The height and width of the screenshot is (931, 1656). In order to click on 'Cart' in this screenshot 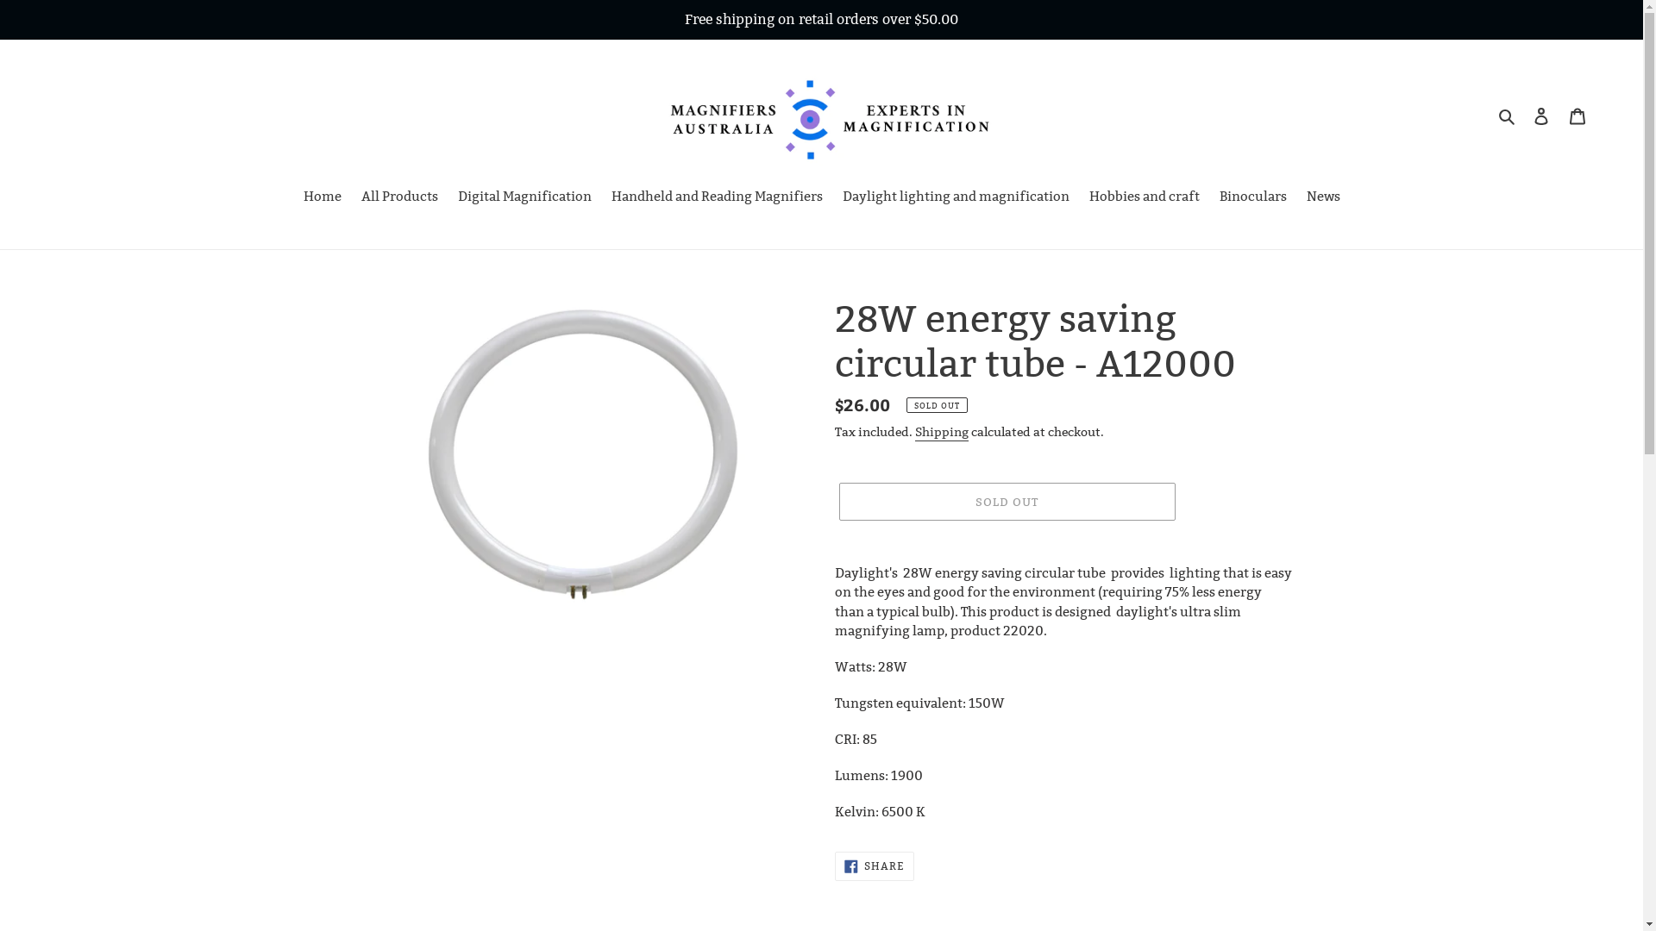, I will do `click(1559, 116)`.